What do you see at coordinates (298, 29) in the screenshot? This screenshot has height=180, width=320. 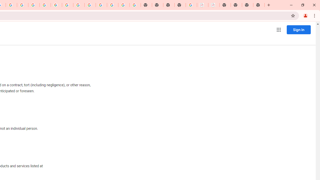 I see `'Sign in'` at bounding box center [298, 29].